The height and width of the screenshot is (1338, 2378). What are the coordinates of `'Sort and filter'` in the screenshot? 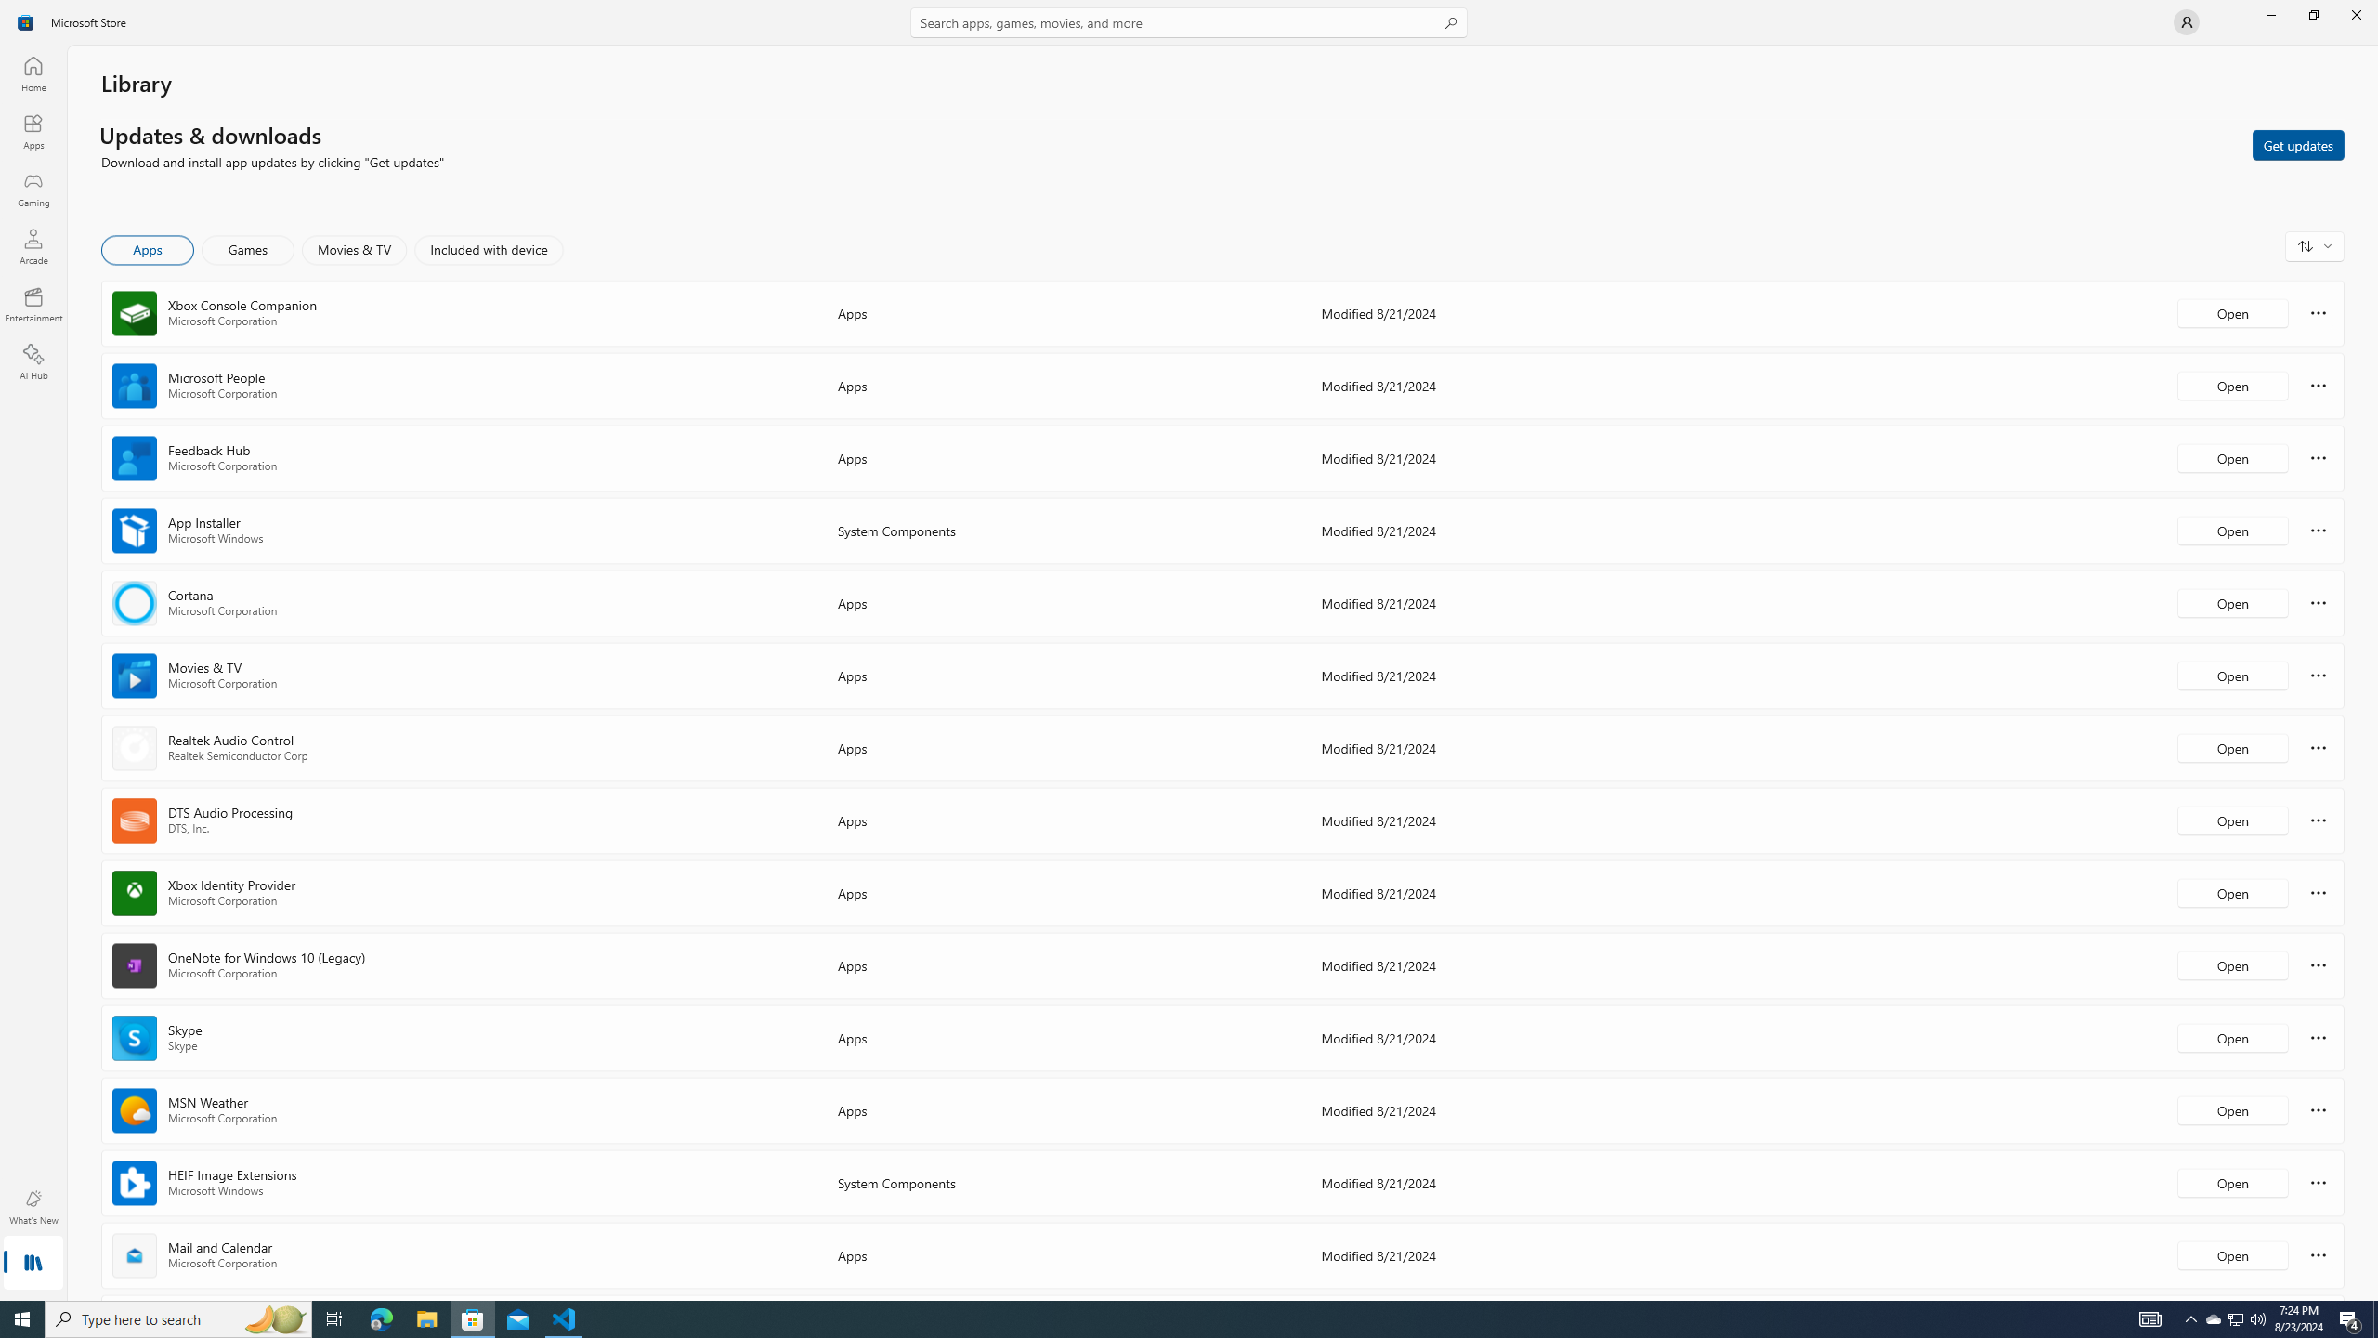 It's located at (2314, 245).